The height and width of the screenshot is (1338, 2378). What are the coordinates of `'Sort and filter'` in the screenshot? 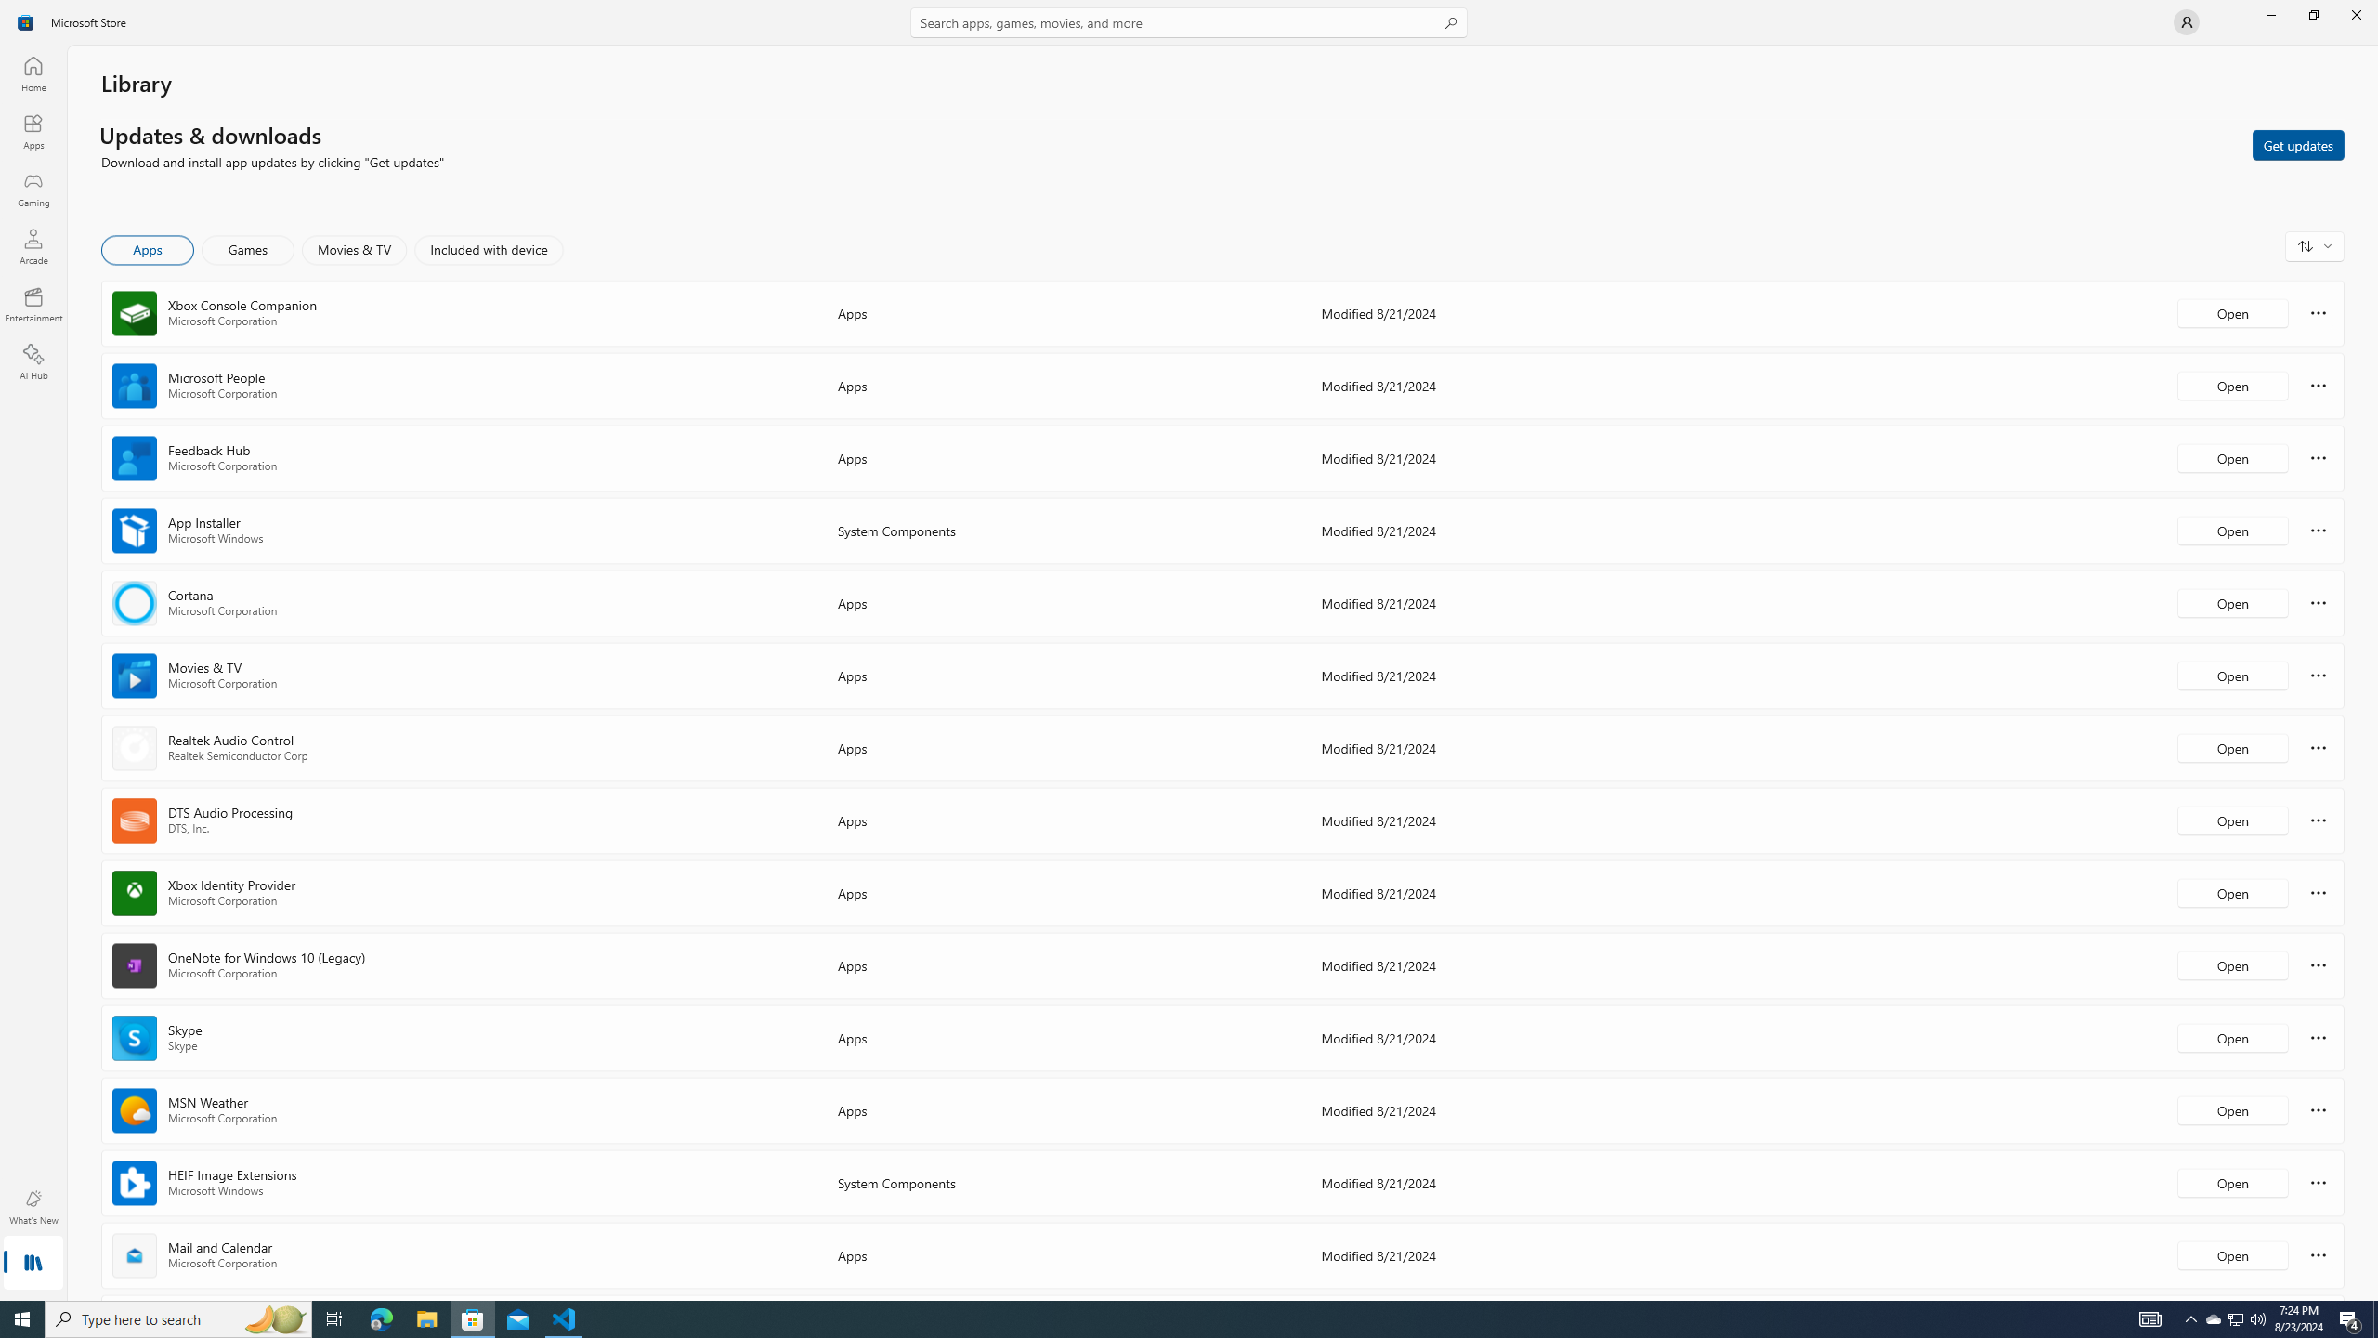 It's located at (2314, 245).